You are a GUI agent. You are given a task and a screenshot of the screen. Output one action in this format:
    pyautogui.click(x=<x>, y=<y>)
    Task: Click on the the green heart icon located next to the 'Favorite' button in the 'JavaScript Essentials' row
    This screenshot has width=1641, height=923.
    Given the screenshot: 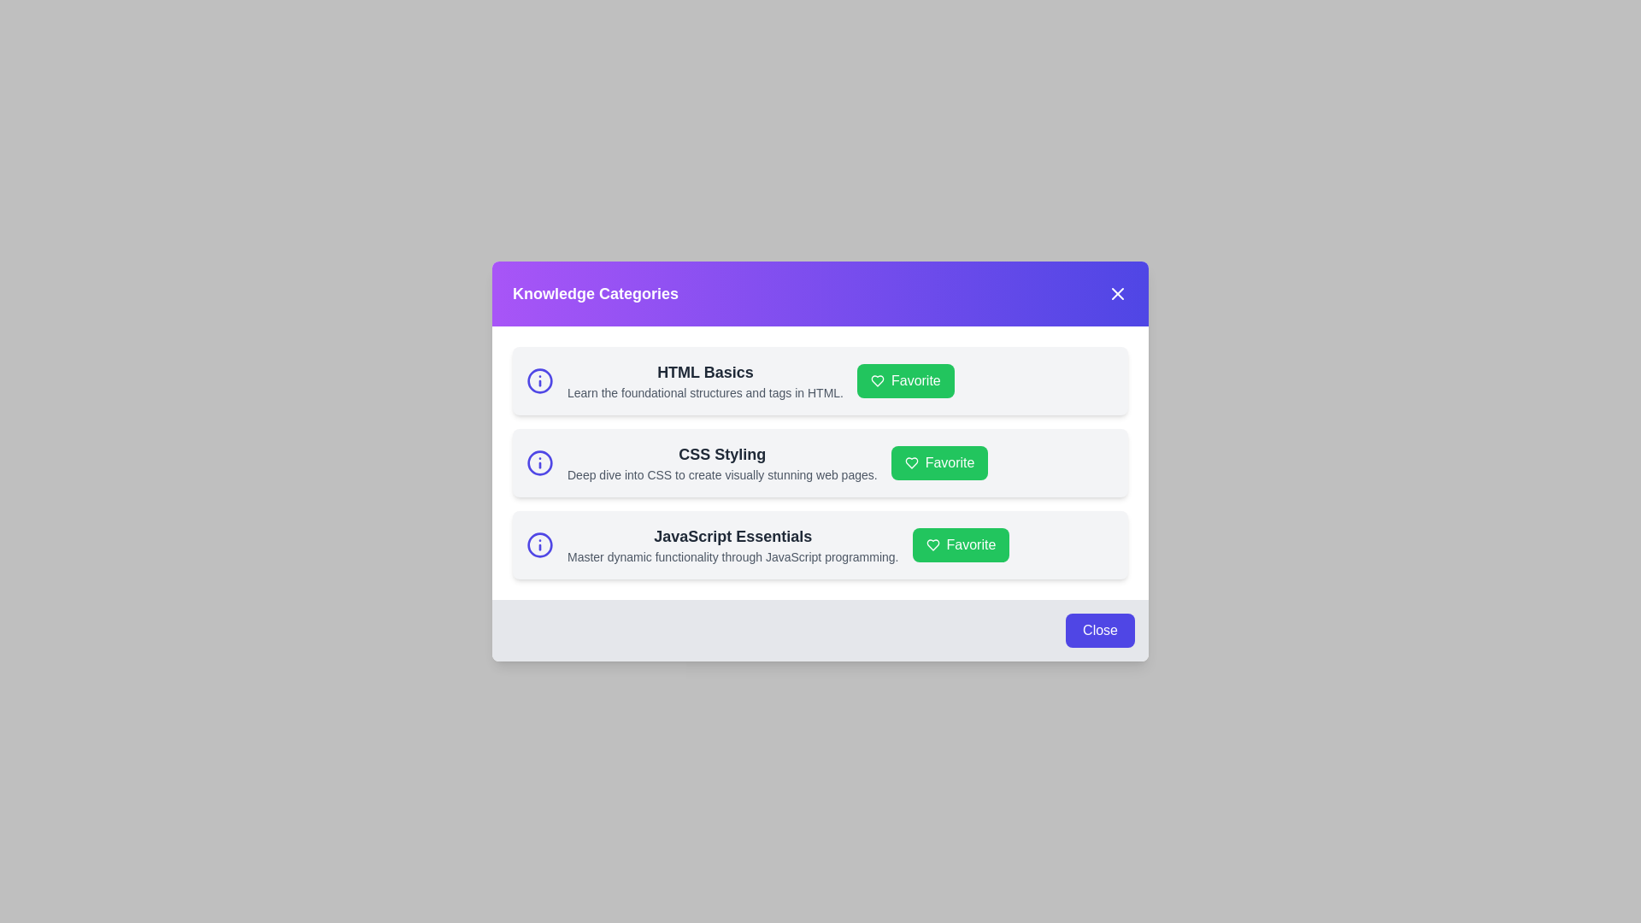 What is the action you would take?
    pyautogui.click(x=932, y=544)
    